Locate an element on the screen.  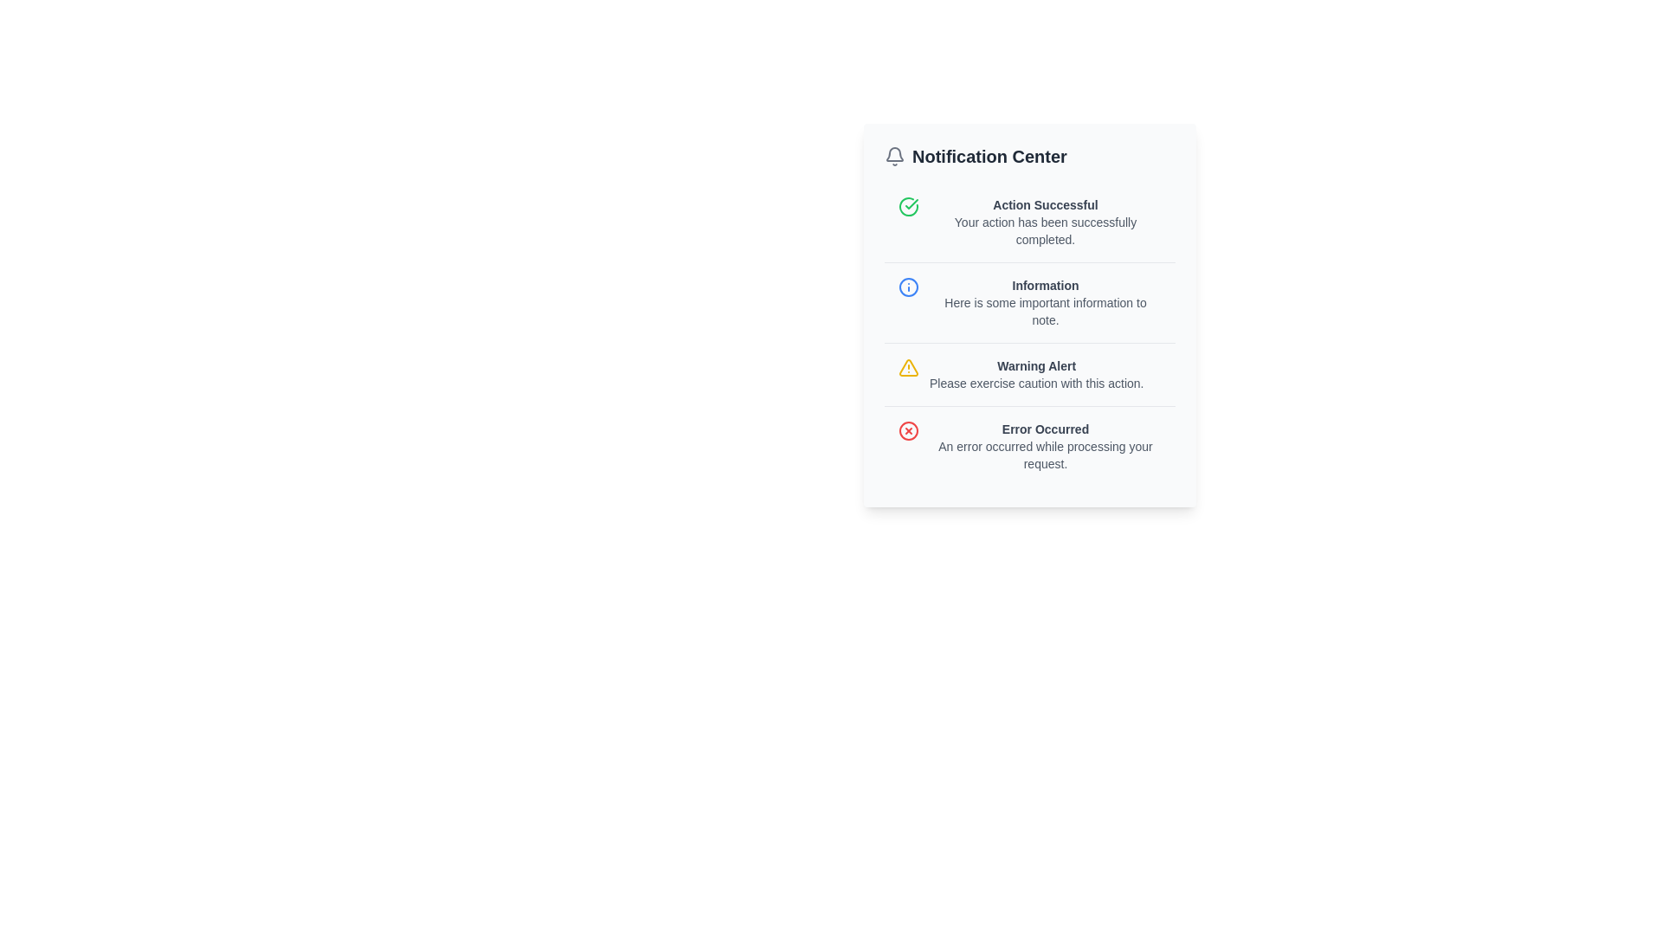
the notification element titled 'Action Successful' with a green circular checkmark icon in the Notification Center panel is located at coordinates (1030, 222).